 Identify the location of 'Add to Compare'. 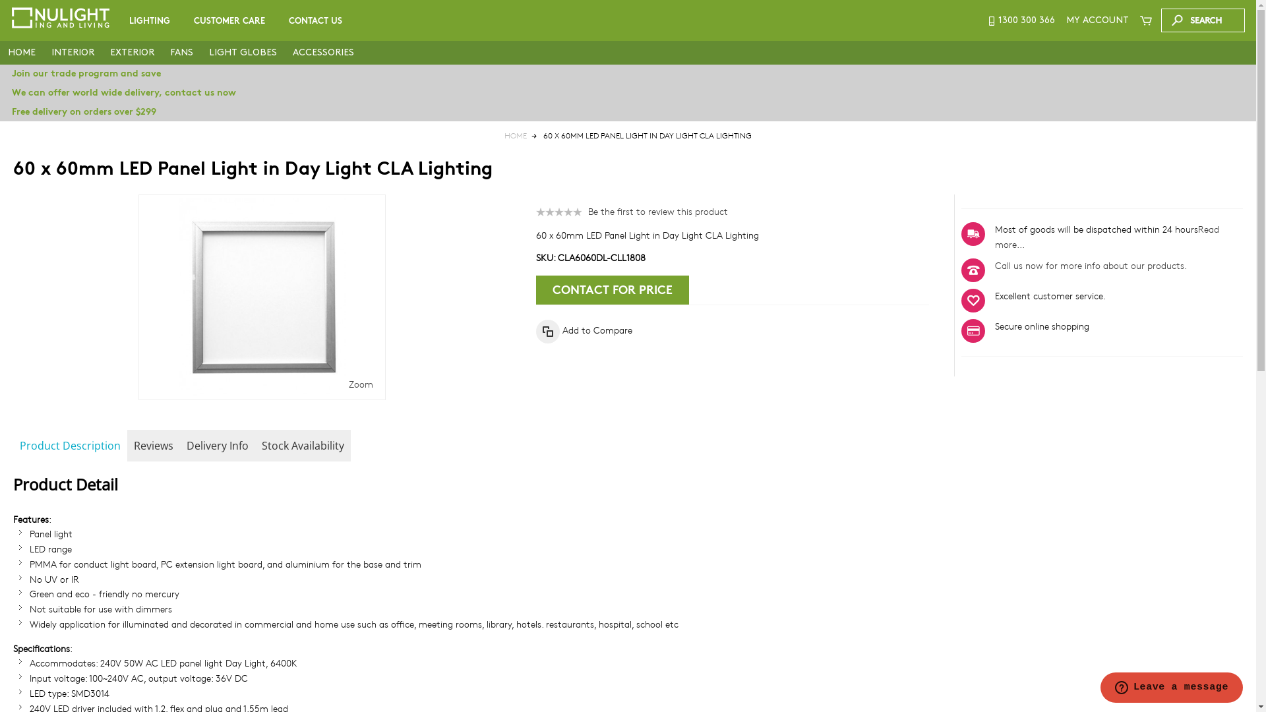
(584, 330).